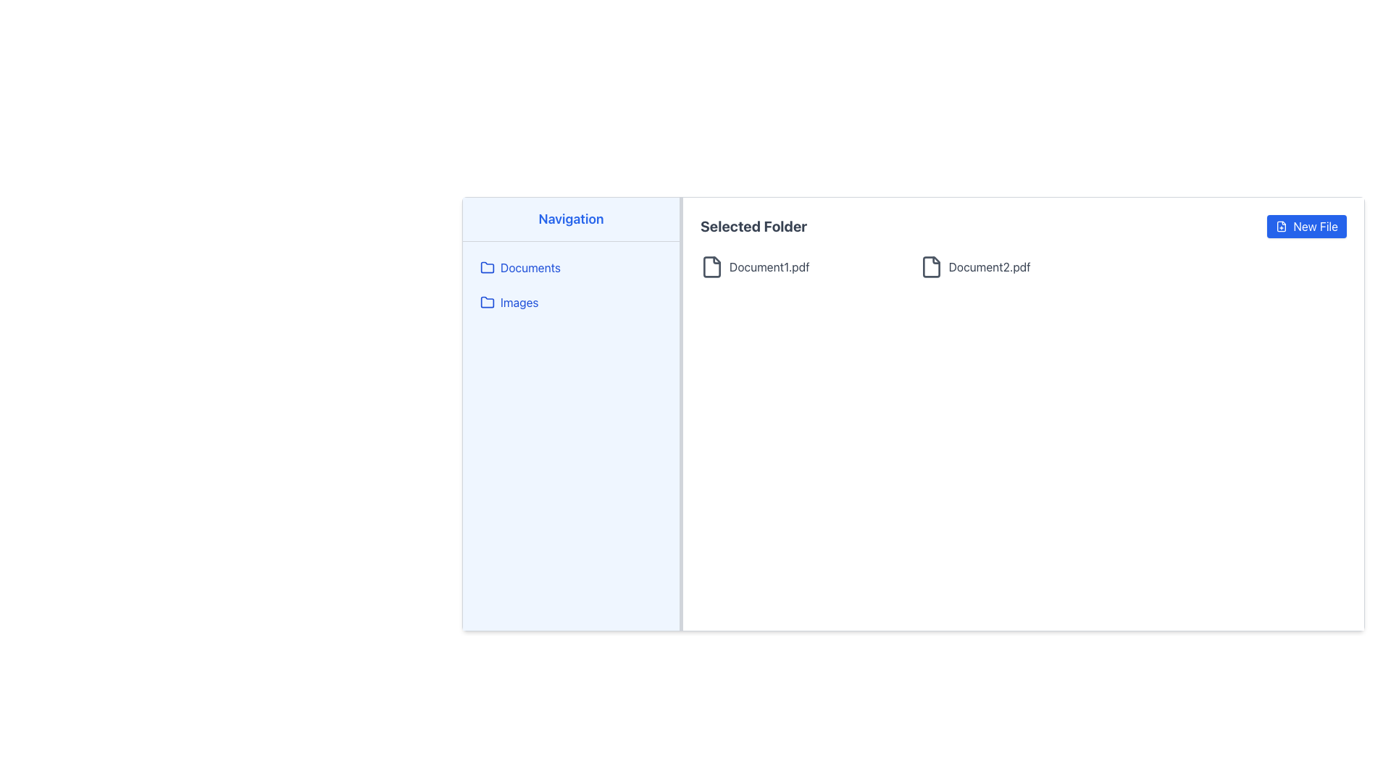 Image resolution: width=1391 pixels, height=782 pixels. What do you see at coordinates (570, 268) in the screenshot?
I see `the selectable folder or category labeled 'Documents' in the left-hand sidebar` at bounding box center [570, 268].